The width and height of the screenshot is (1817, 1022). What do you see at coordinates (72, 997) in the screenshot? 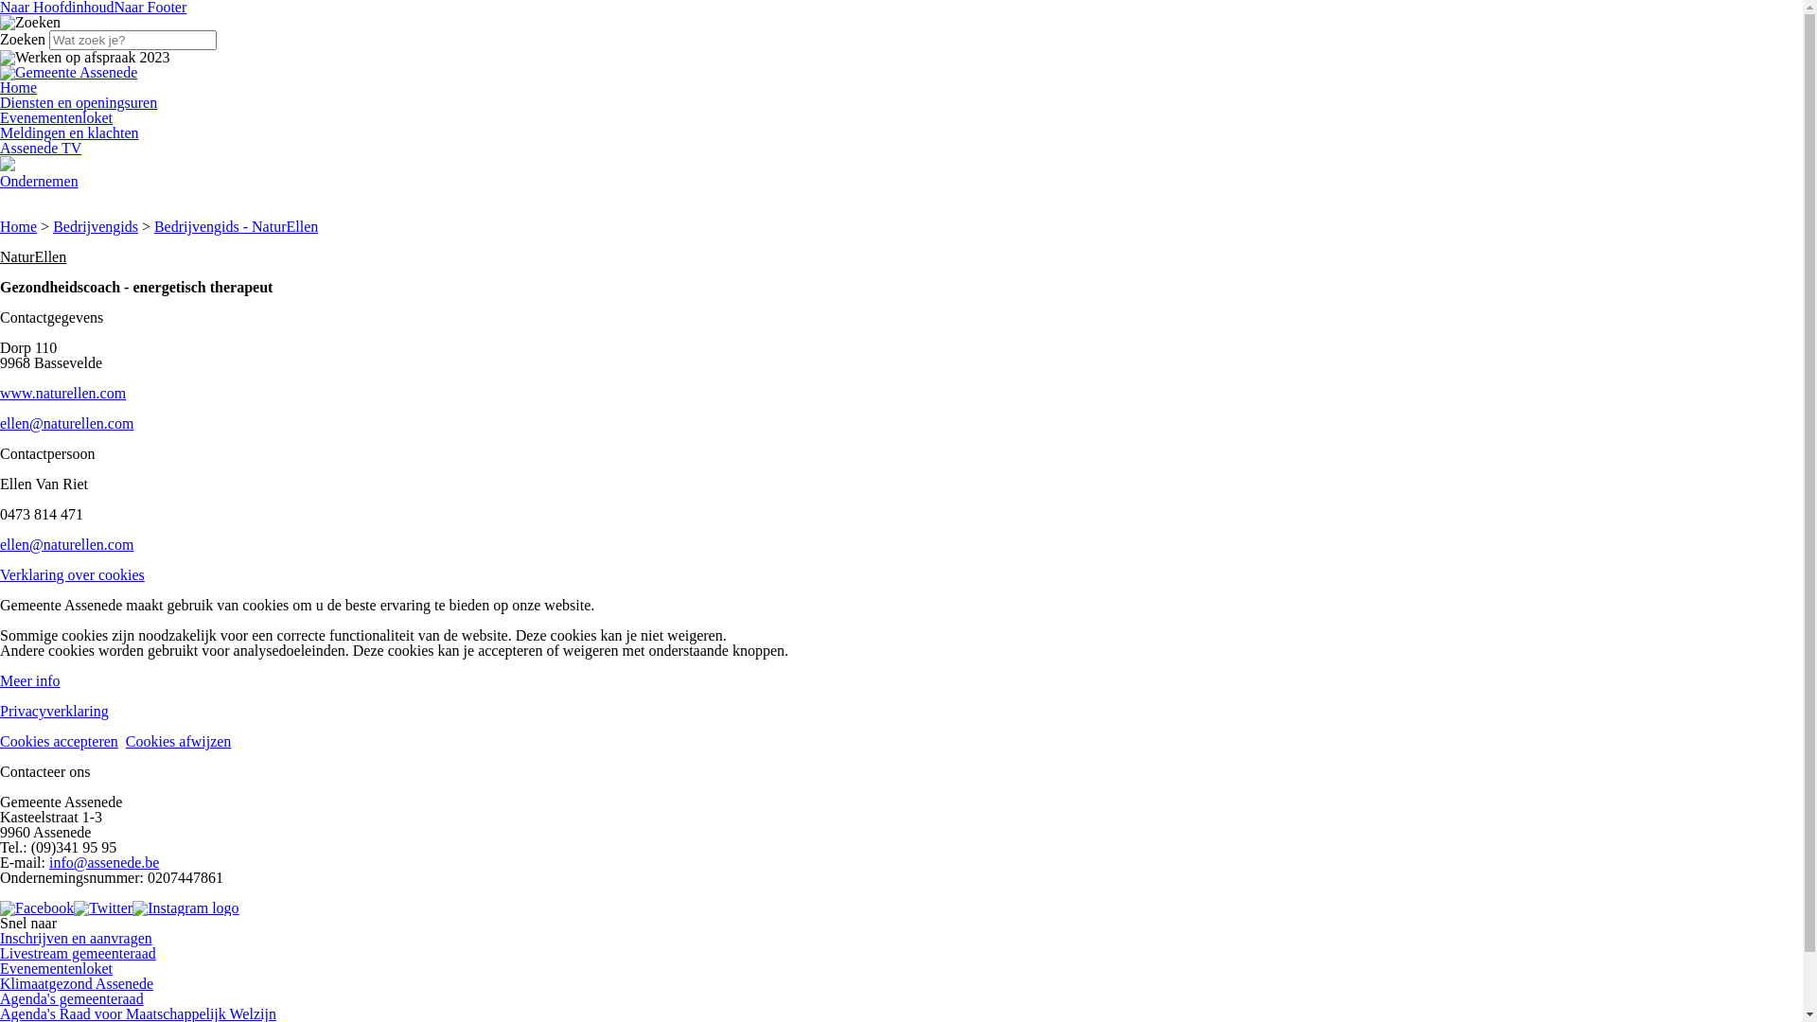
I see `'Agenda's gemeenteraad'` at bounding box center [72, 997].